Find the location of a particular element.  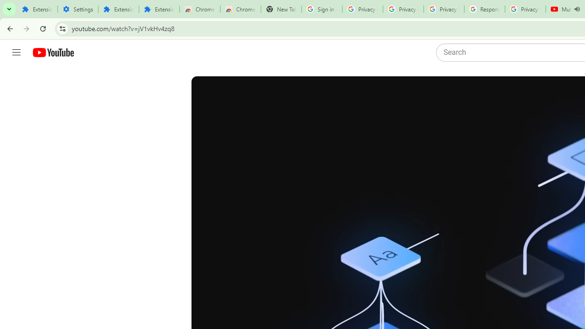

'YouTube Home' is located at coordinates (53, 53).